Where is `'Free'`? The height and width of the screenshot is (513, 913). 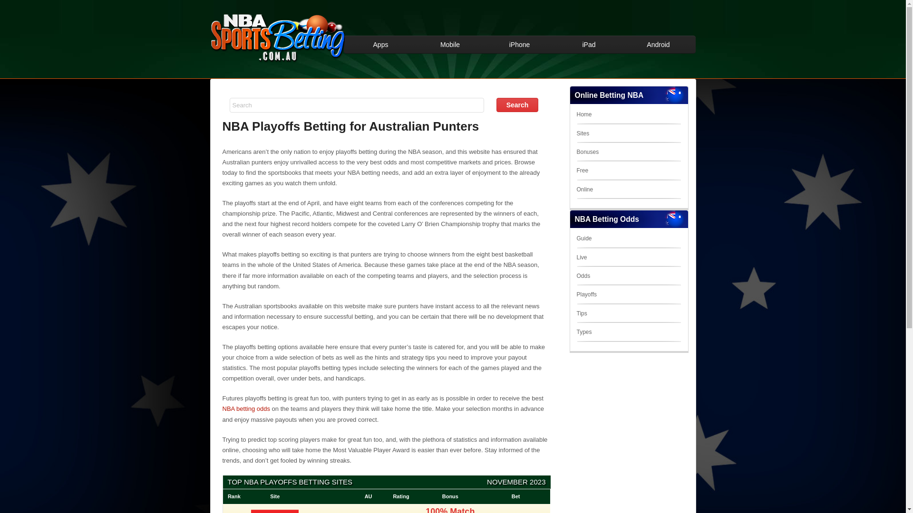 'Free' is located at coordinates (582, 170).